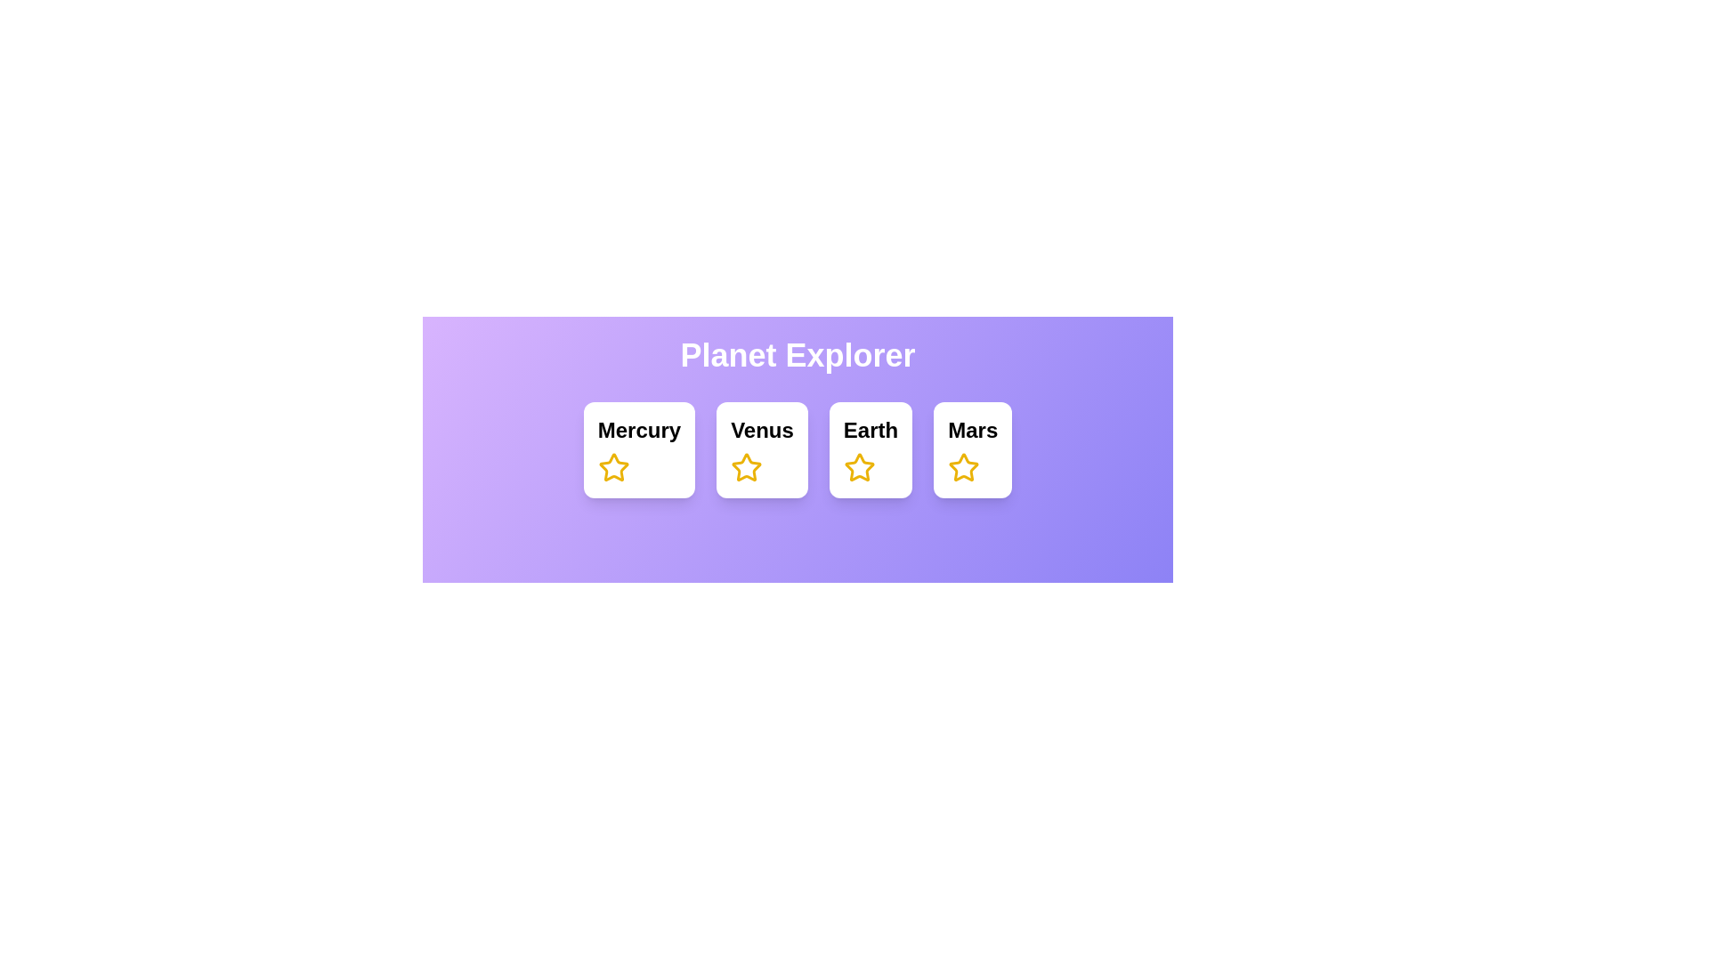  I want to click on the bold text label displaying 'Mercury' within a white rounded rectangle box, which is the first in a series of planet boxes, so click(639, 430).